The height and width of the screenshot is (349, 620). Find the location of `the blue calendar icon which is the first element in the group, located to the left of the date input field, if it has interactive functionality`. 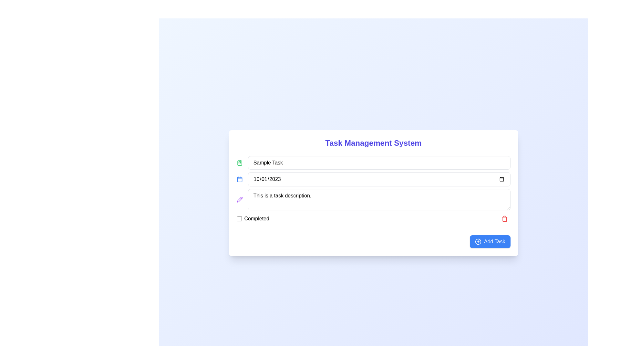

the blue calendar icon which is the first element in the group, located to the left of the date input field, if it has interactive functionality is located at coordinates (239, 179).